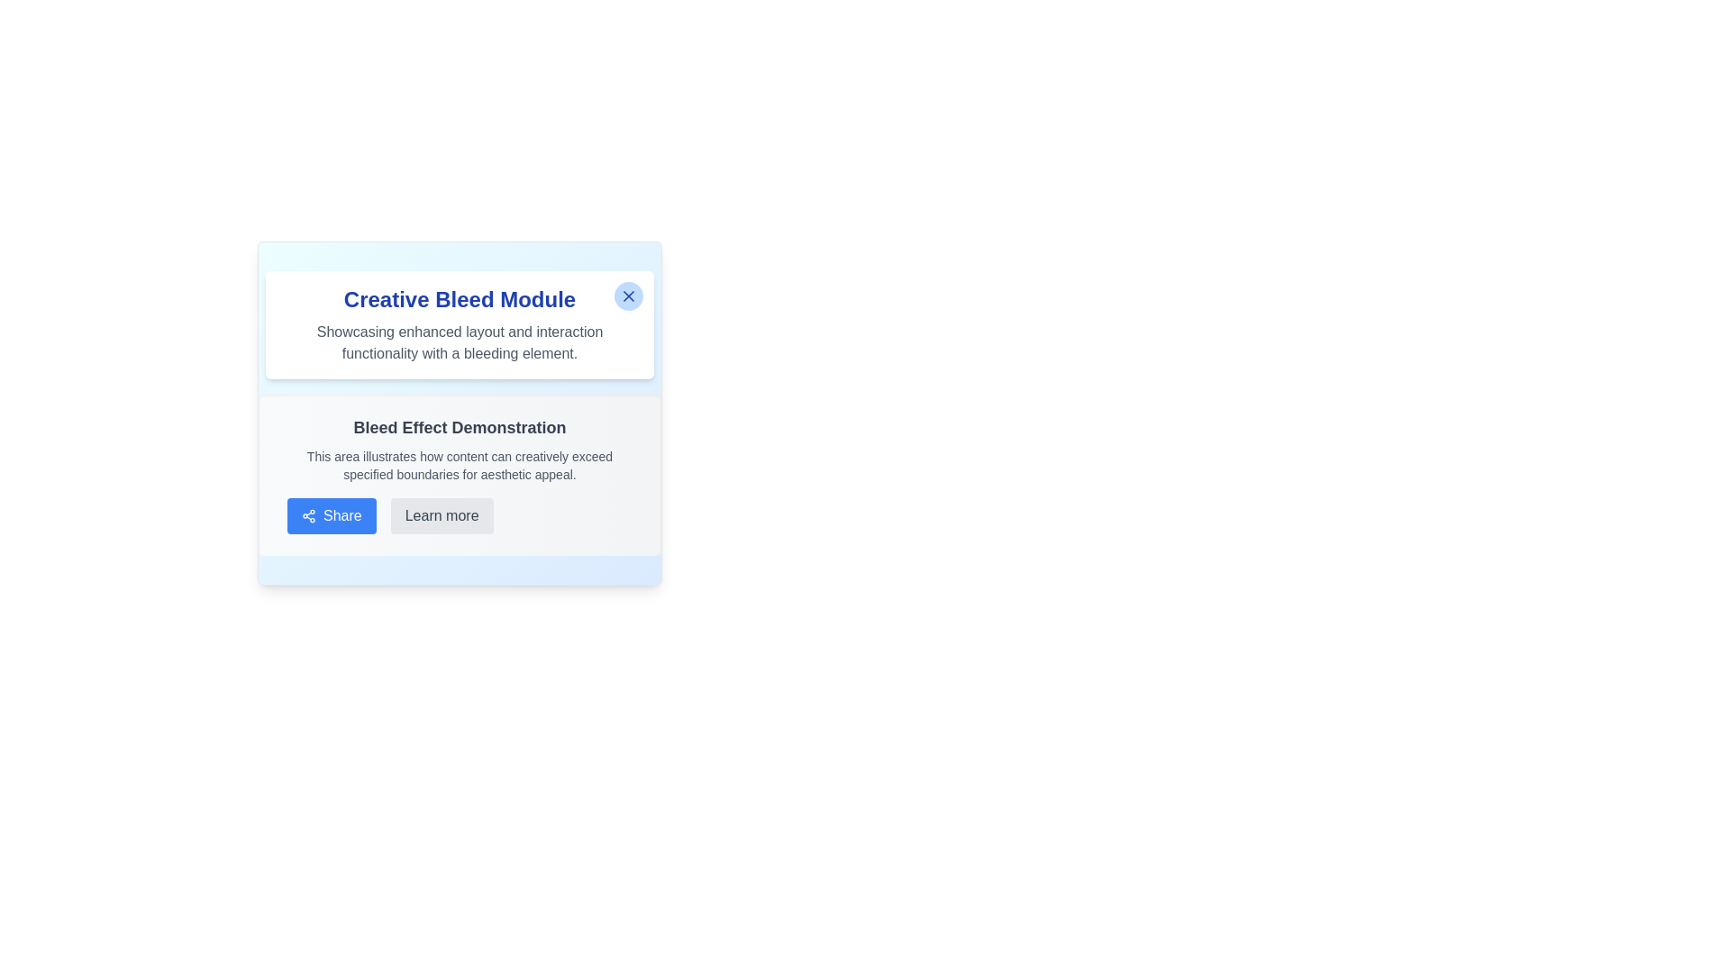 The image size is (1730, 973). Describe the element at coordinates (460, 464) in the screenshot. I see `the Text Block element that is styled with a small font in gray color, positioned beneath the 'Bleed Effect Demonstration' header and above the 'Share' and 'Learn more' buttons` at that location.